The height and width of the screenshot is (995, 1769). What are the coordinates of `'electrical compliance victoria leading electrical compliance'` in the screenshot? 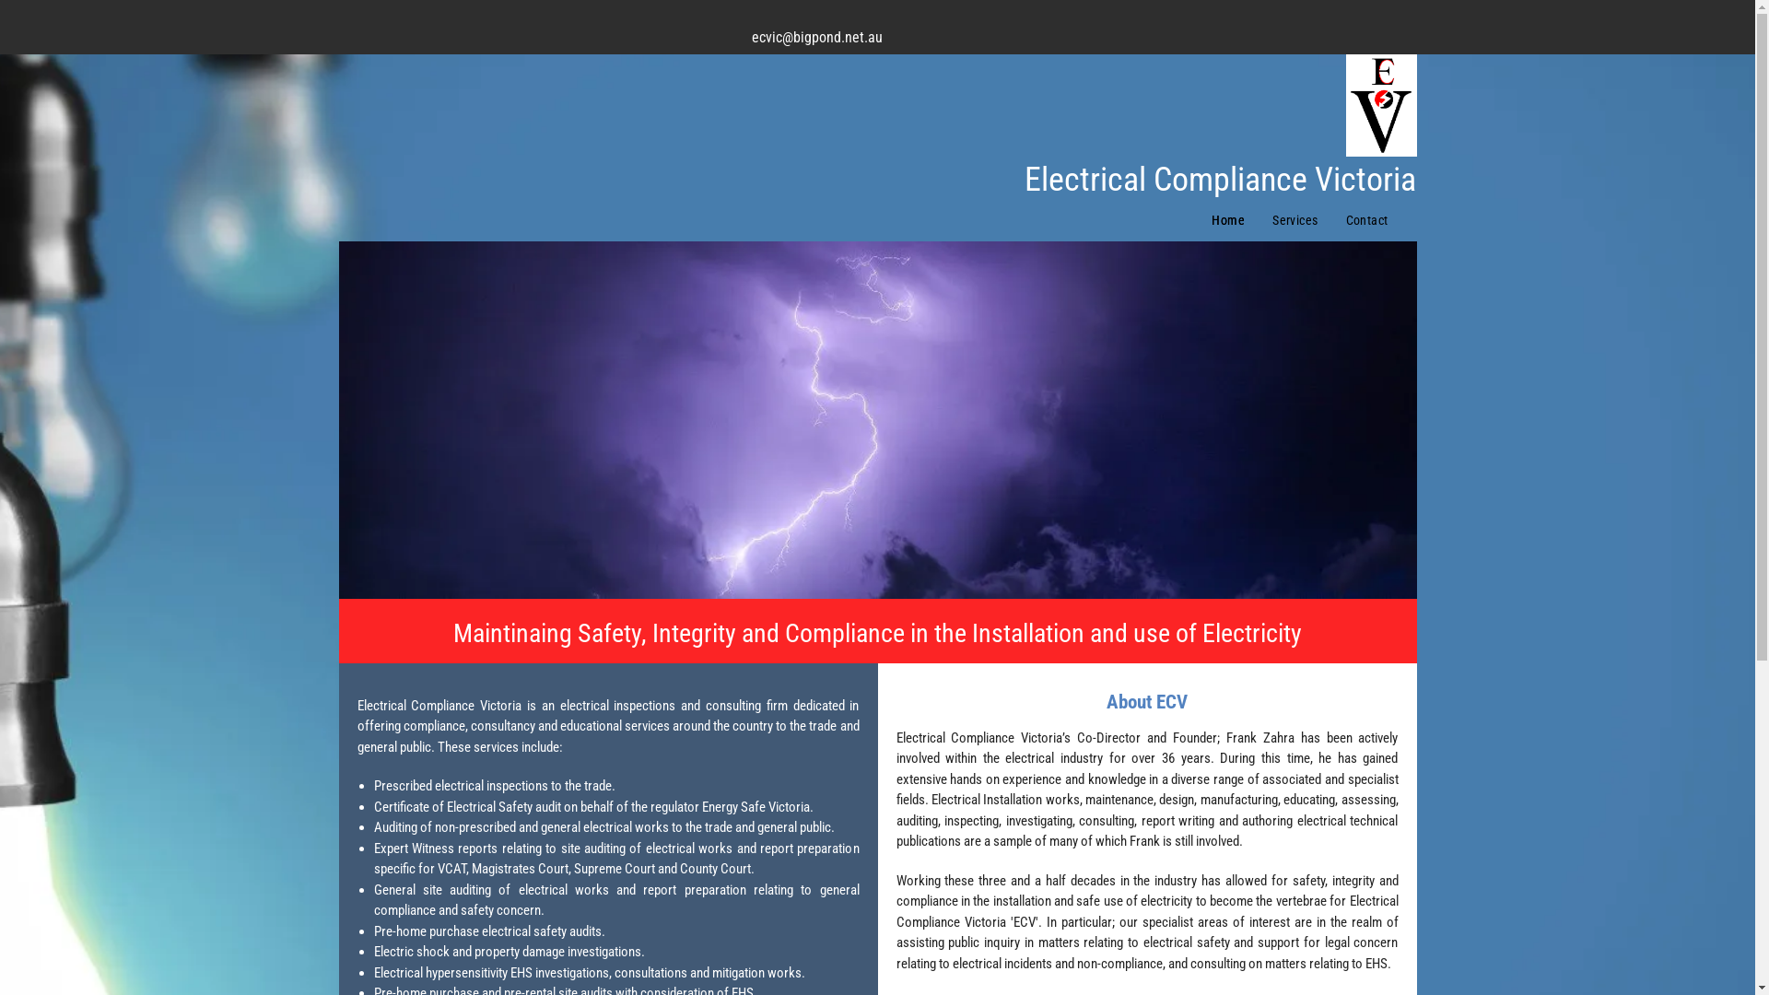 It's located at (877, 419).